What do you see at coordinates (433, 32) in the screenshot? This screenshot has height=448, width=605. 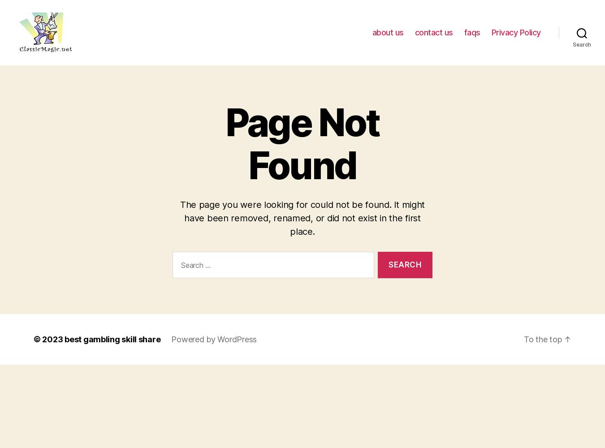 I see `'contact us'` at bounding box center [433, 32].